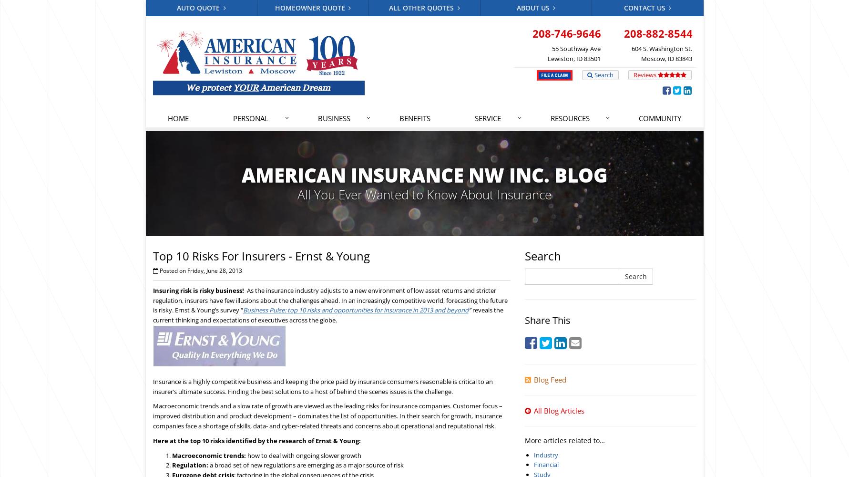 The image size is (849, 477). I want to click on 'Macroeconomic trends and a slow rate of growth are viewed as the leading risks for insurance companies. Customer focus – improved distribution and product development – dominates the list of opportunities. In their search for growth, insurance companies face a shortage of skills, data- and cyber-related threats and concerns about operational and reputational risk.', so click(327, 415).